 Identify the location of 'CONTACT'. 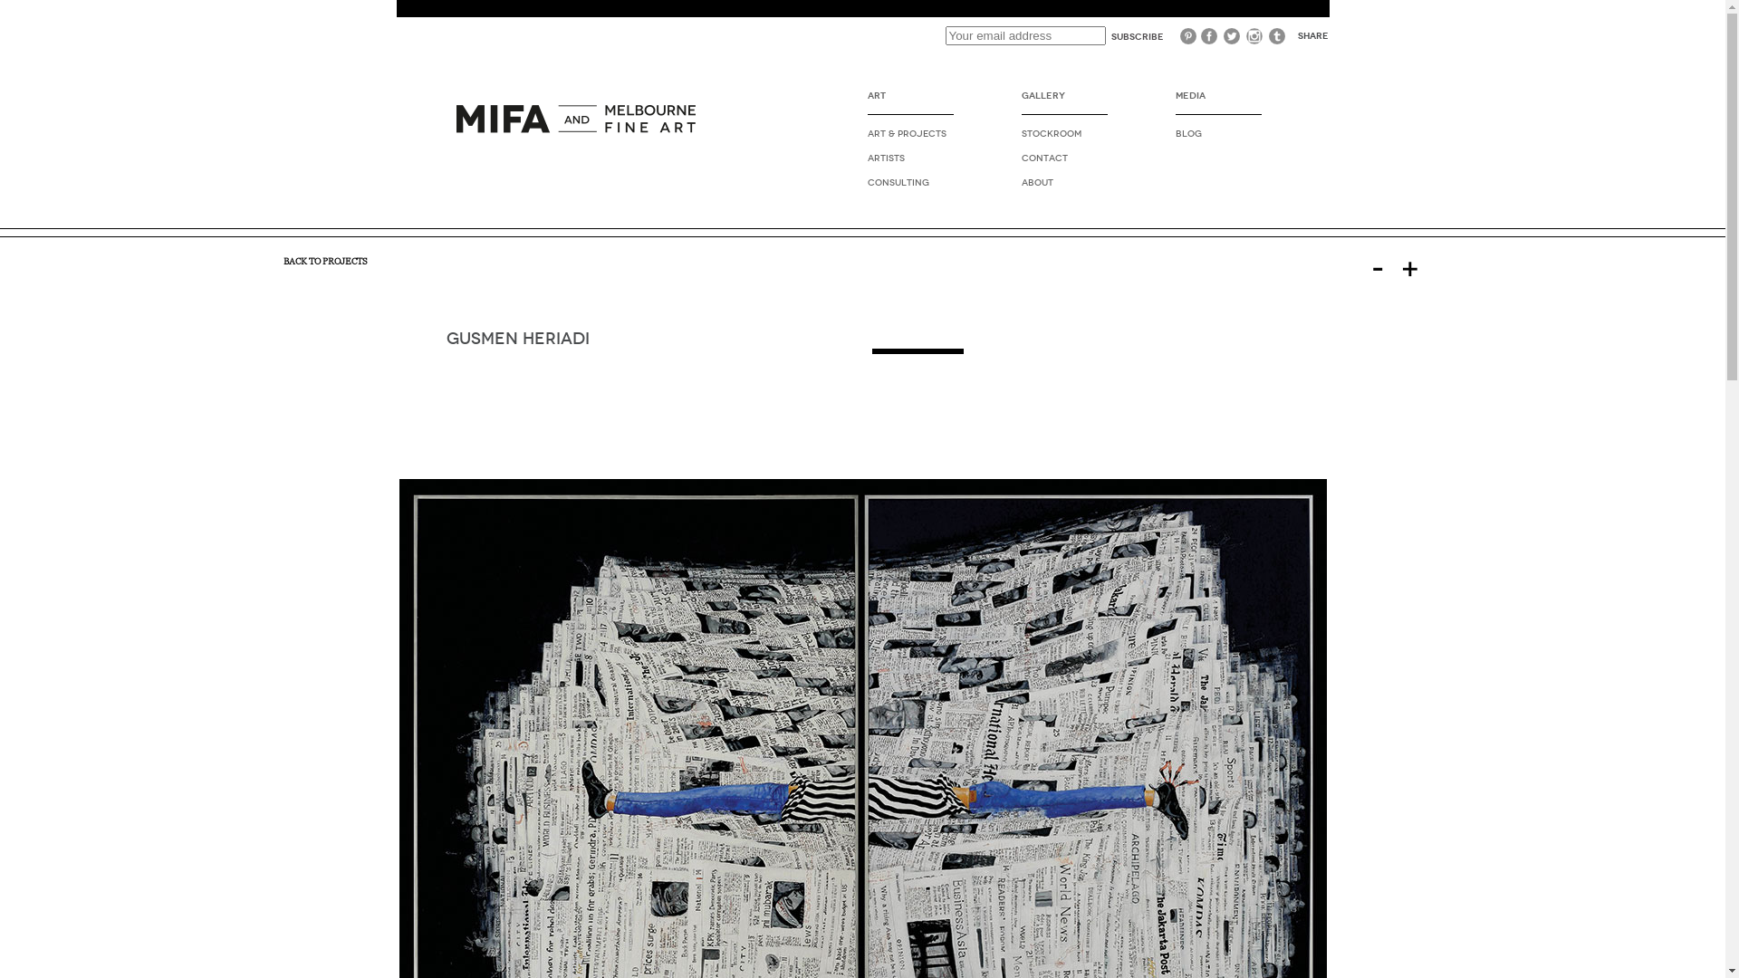
(1064, 157).